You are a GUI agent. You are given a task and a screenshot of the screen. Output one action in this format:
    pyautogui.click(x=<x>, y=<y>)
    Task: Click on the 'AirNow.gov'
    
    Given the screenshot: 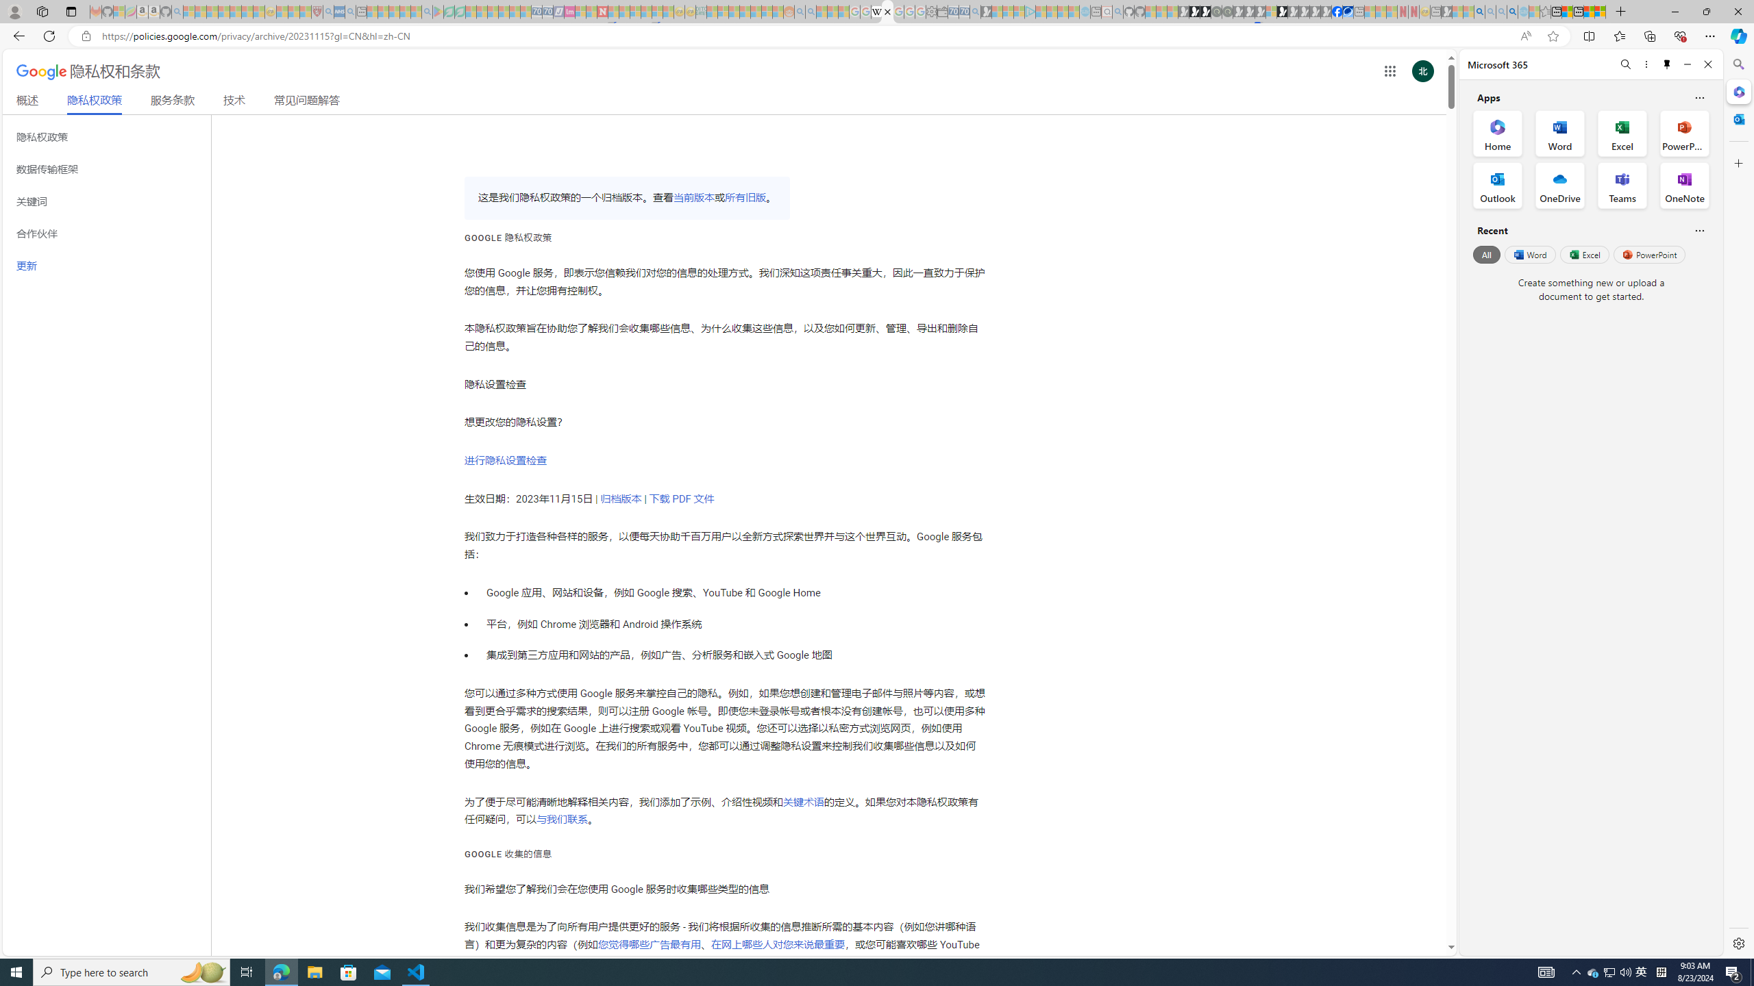 What is the action you would take?
    pyautogui.click(x=1347, y=11)
    